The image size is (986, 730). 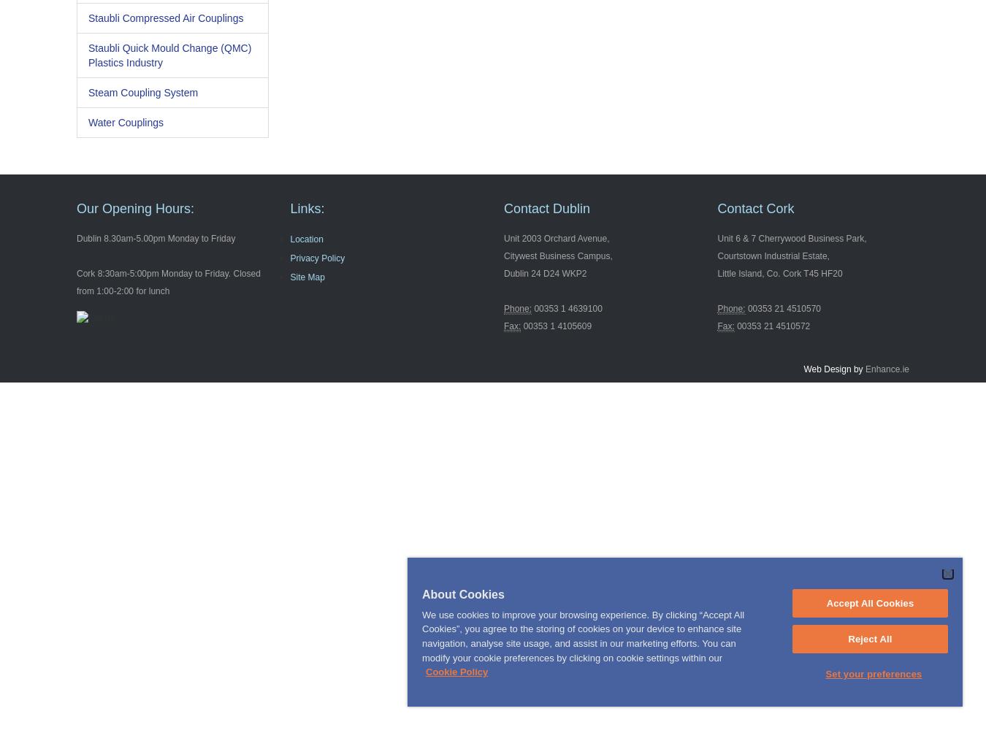 What do you see at coordinates (502, 238) in the screenshot?
I see `'Unit 2003 Orchard Avenue,'` at bounding box center [502, 238].